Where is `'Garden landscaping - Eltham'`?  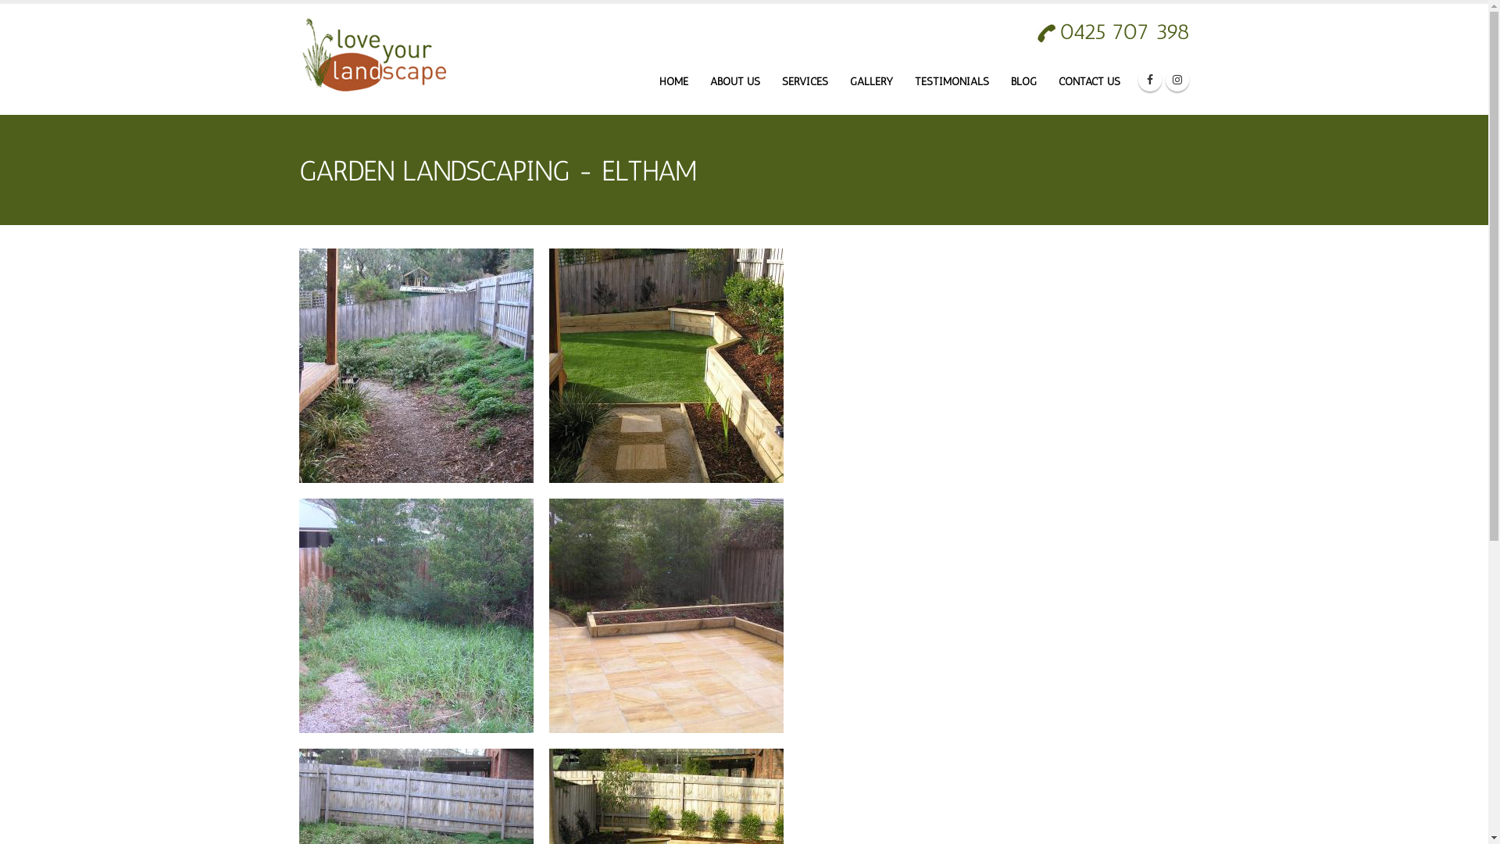
'Garden landscaping - Eltham' is located at coordinates (665, 364).